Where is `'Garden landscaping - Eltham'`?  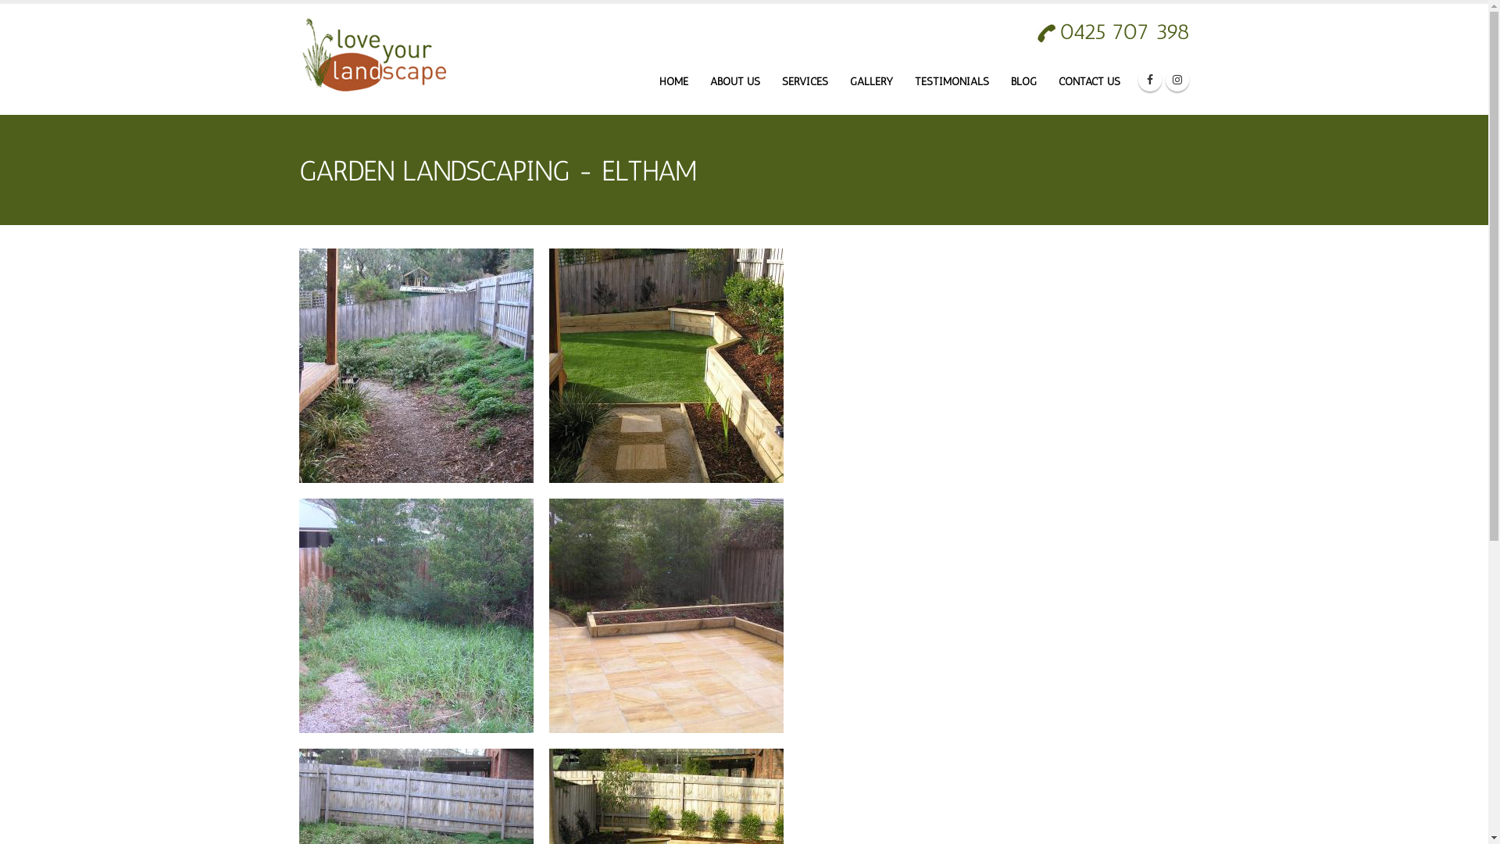
'Garden landscaping - Eltham' is located at coordinates (665, 364).